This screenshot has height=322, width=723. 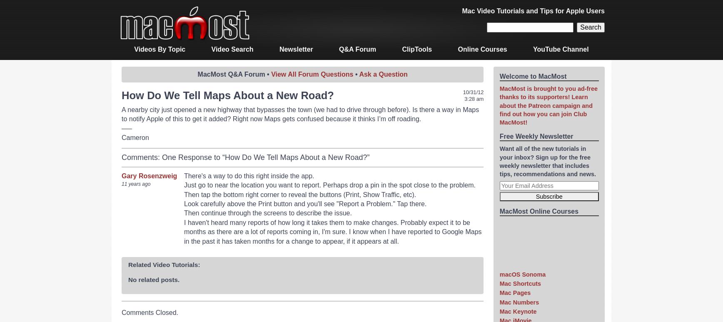 What do you see at coordinates (184, 213) in the screenshot?
I see `'Then continue through the screens to describe the issue.'` at bounding box center [184, 213].